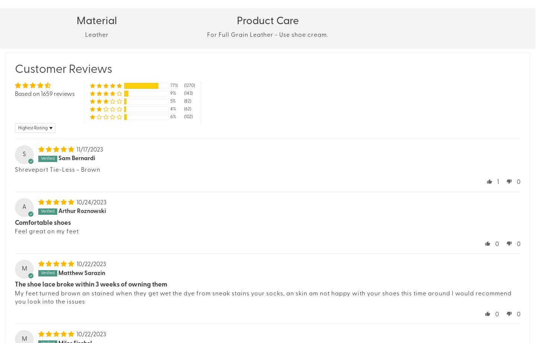  Describe the element at coordinates (45, 94) in the screenshot. I see `'Based on 1659 reviews'` at that location.